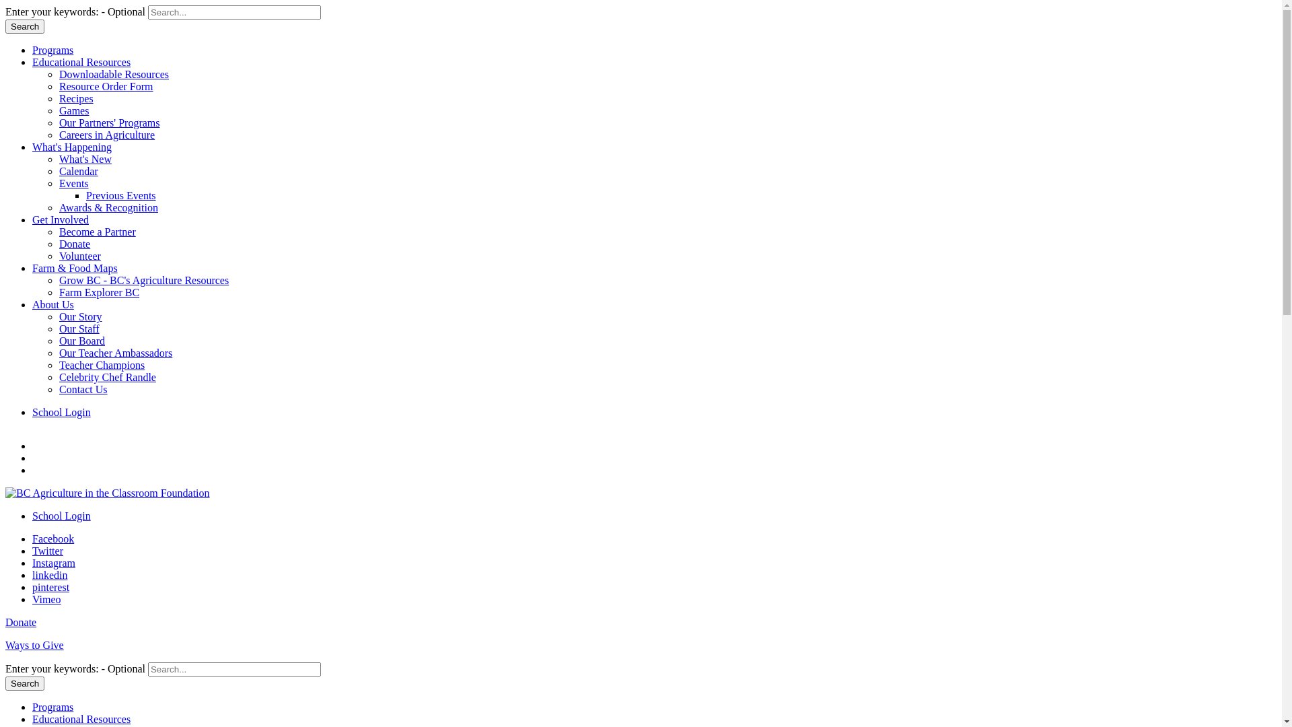 This screenshot has width=1292, height=727. Describe the element at coordinates (640, 638) in the screenshot. I see `'Donate` at that location.